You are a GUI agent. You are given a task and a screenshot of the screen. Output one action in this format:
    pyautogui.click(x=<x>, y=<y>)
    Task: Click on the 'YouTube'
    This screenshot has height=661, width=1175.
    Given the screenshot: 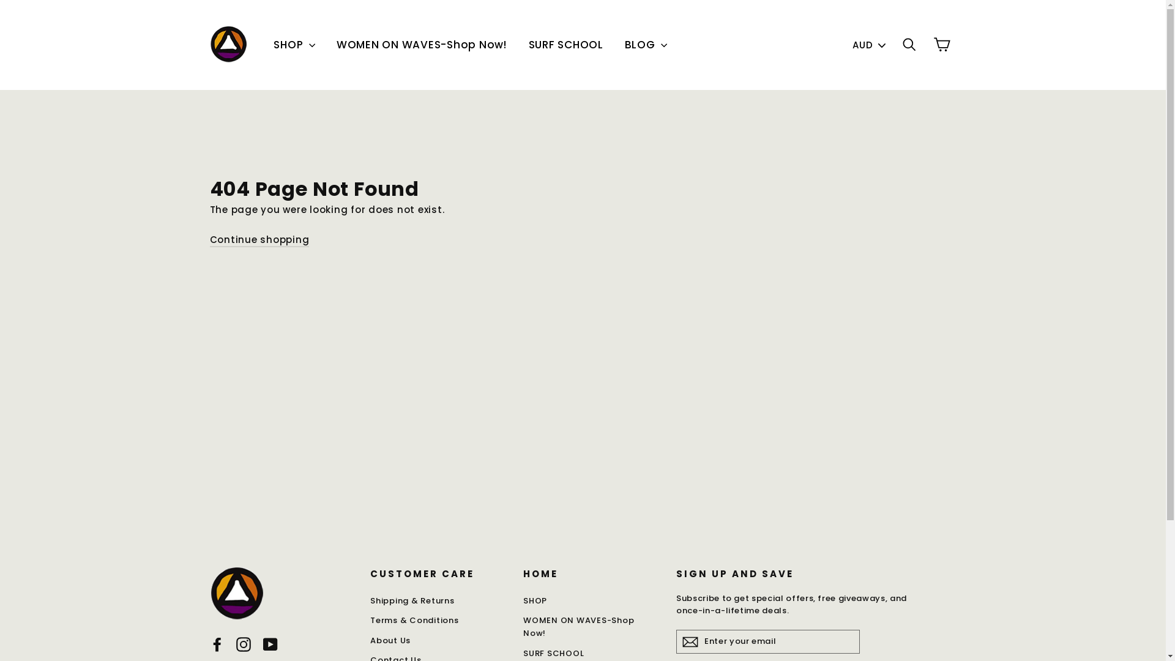 What is the action you would take?
    pyautogui.click(x=269, y=643)
    